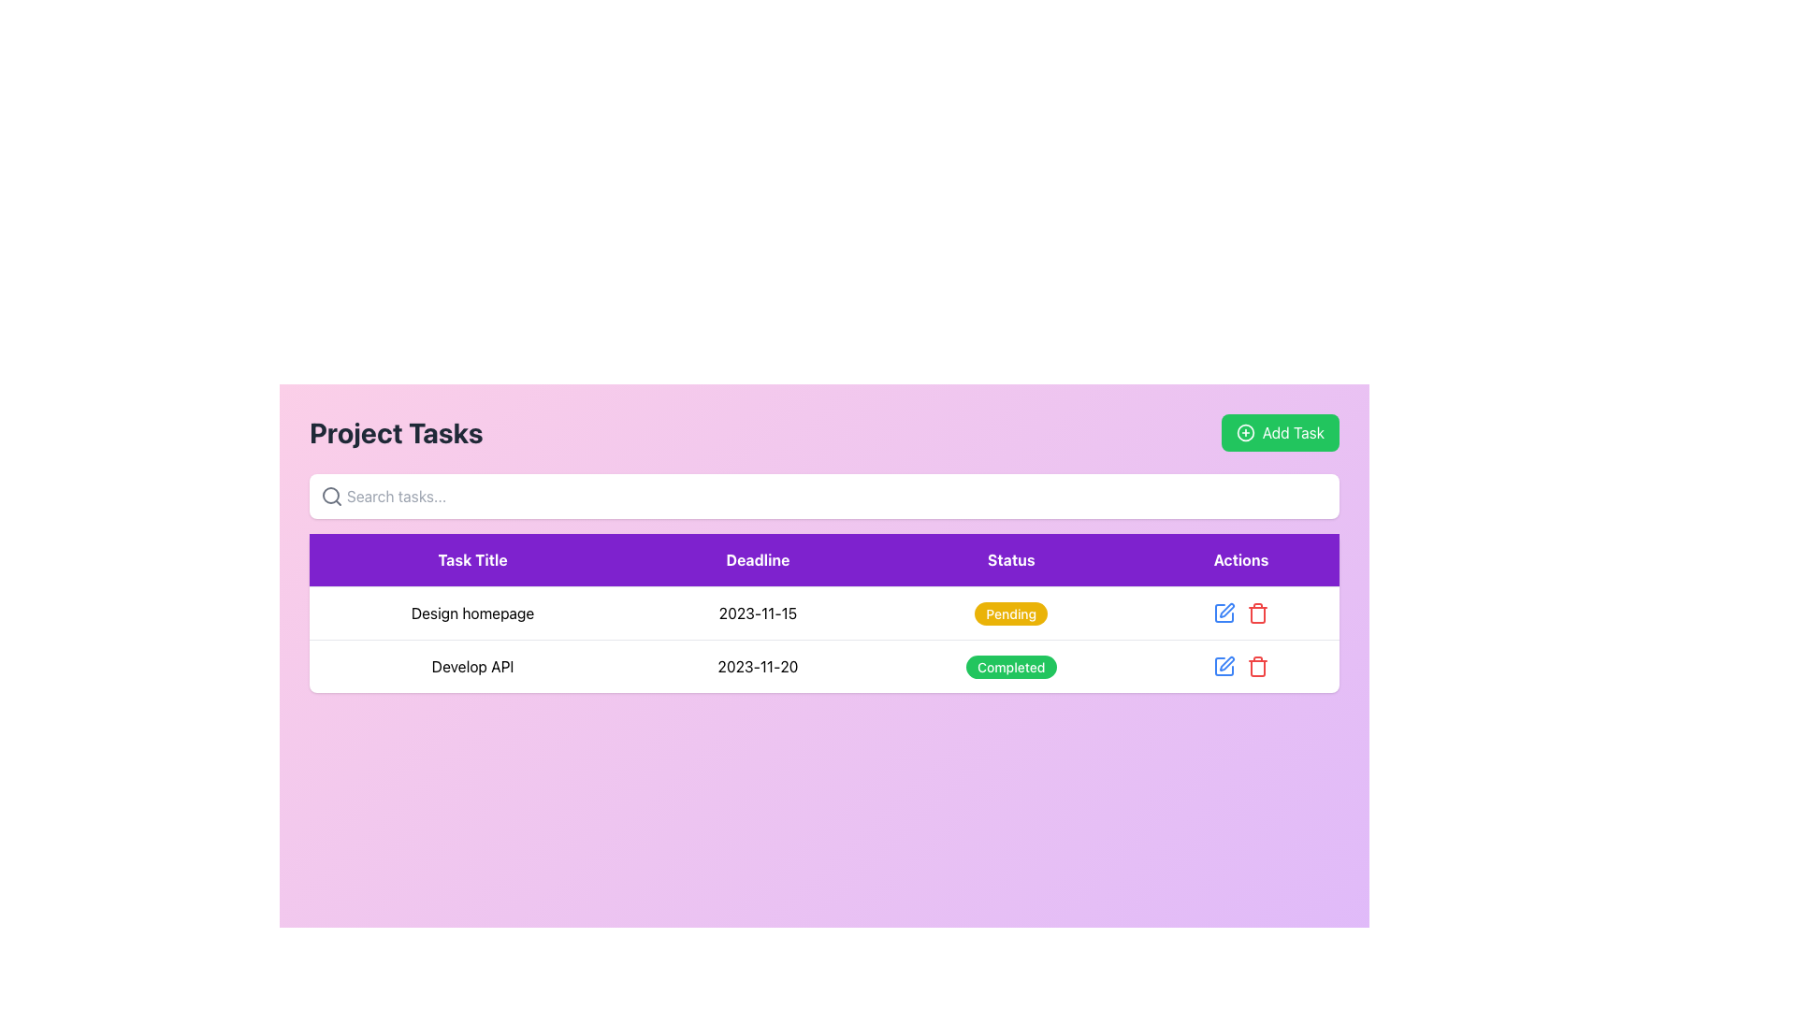 The height and width of the screenshot is (1010, 1796). What do you see at coordinates (1010, 613) in the screenshot?
I see `the status of the 'Pending' task in the Status indicator badge located in the first row of the table for the task titled 'Design homepage.'` at bounding box center [1010, 613].